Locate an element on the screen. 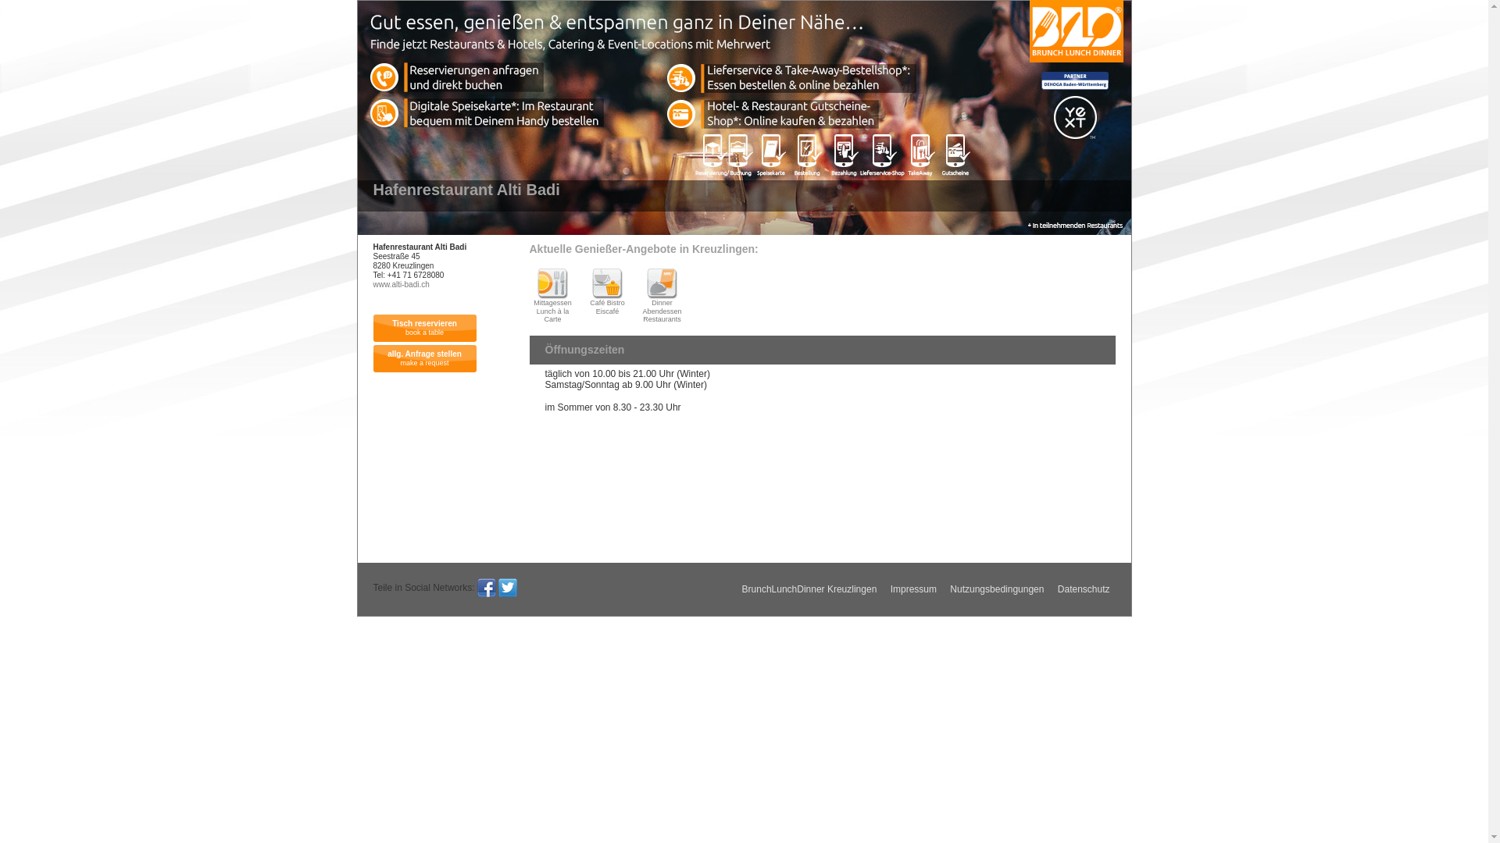  'Datenschutz' is located at coordinates (1052, 589).